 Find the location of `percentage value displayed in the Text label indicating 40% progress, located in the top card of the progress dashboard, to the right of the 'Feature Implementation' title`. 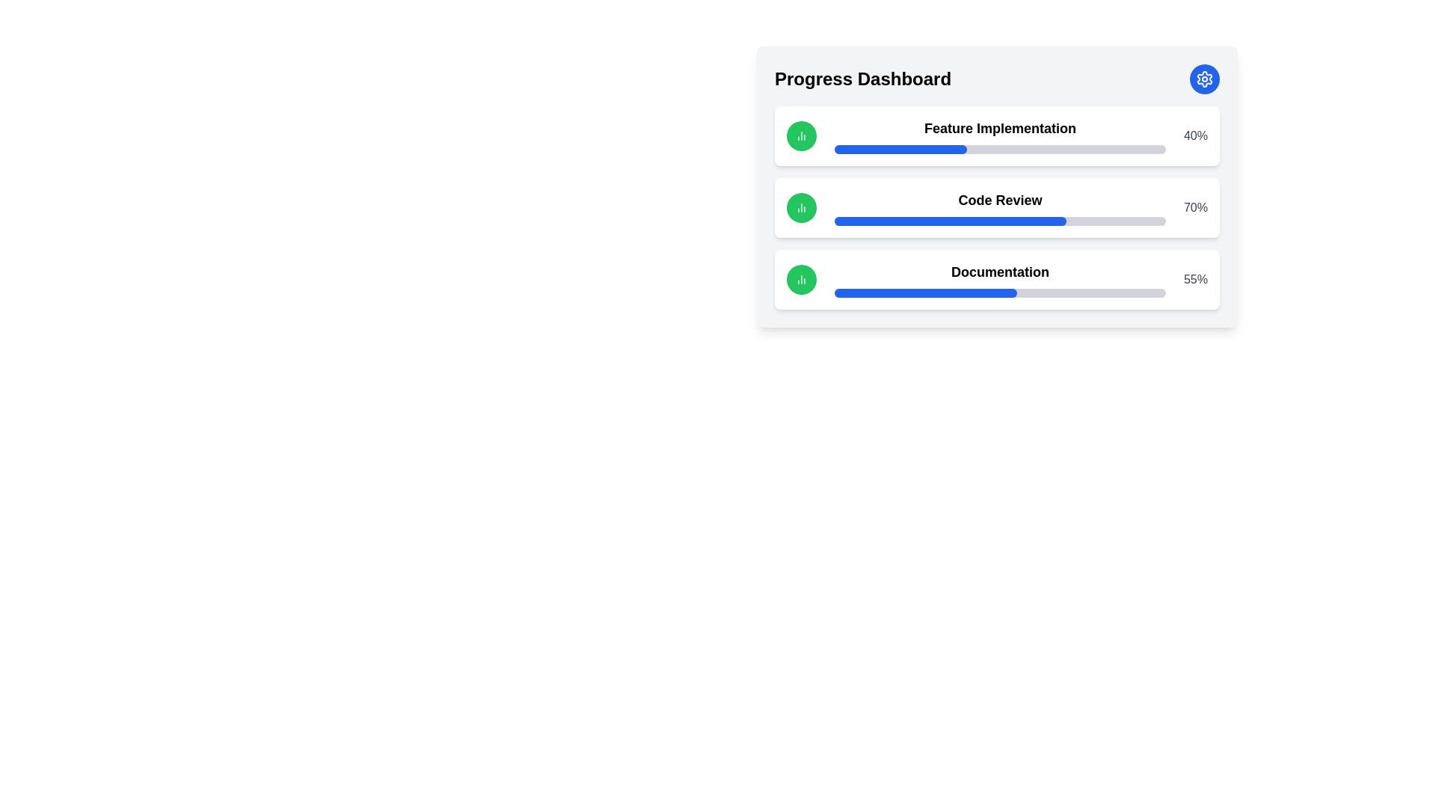

percentage value displayed in the Text label indicating 40% progress, located in the top card of the progress dashboard, to the right of the 'Feature Implementation' title is located at coordinates (1194, 135).